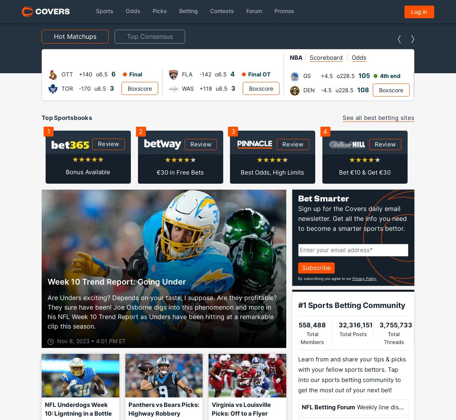  Describe the element at coordinates (127, 36) in the screenshot. I see `'Top Consensus'` at that location.